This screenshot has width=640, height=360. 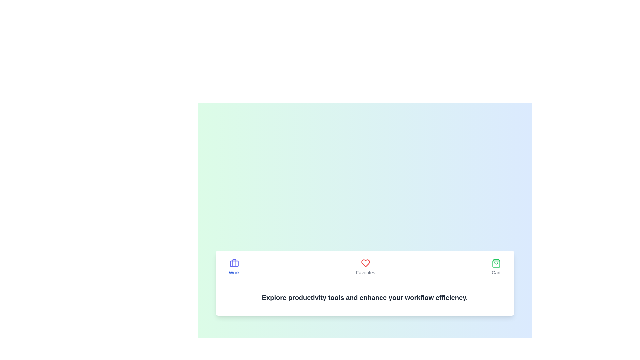 What do you see at coordinates (496, 267) in the screenshot?
I see `the tab labeled Cart` at bounding box center [496, 267].